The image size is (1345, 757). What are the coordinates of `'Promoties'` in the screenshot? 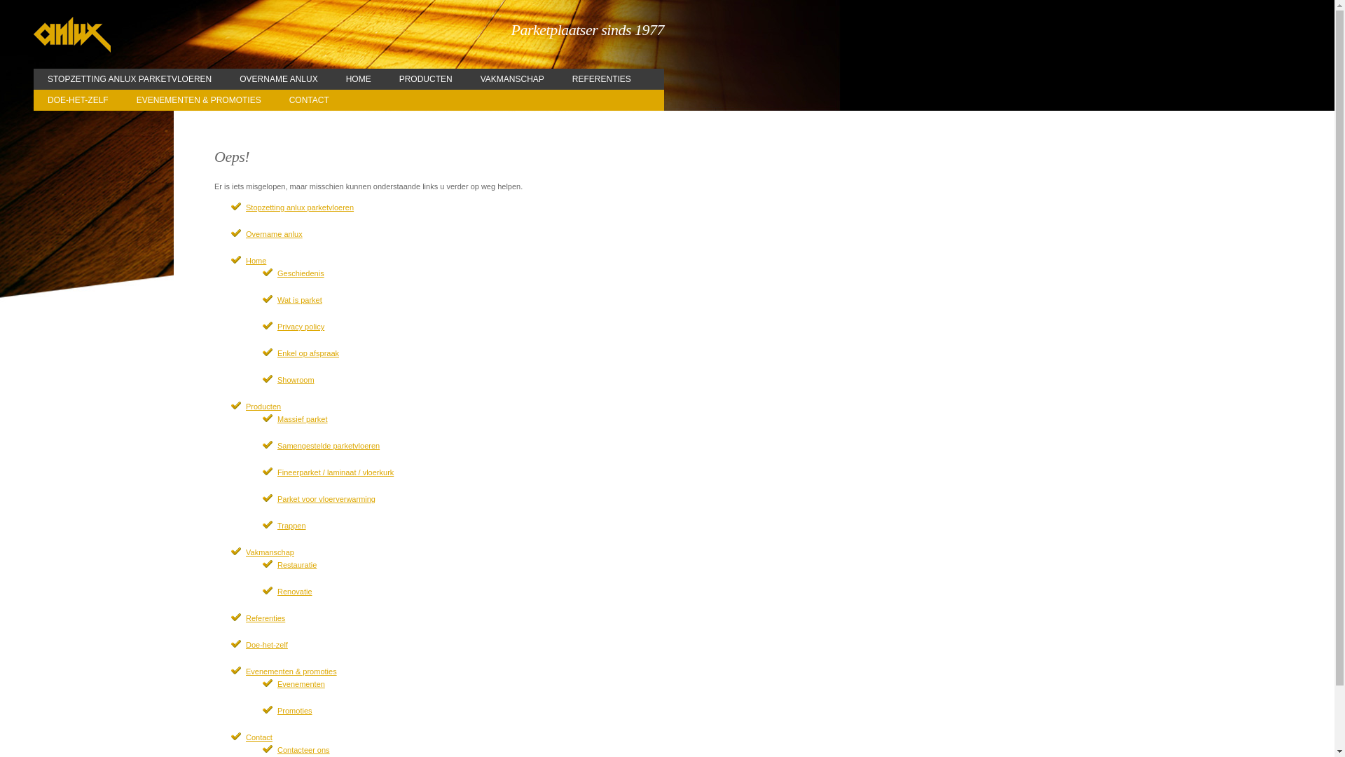 It's located at (294, 711).